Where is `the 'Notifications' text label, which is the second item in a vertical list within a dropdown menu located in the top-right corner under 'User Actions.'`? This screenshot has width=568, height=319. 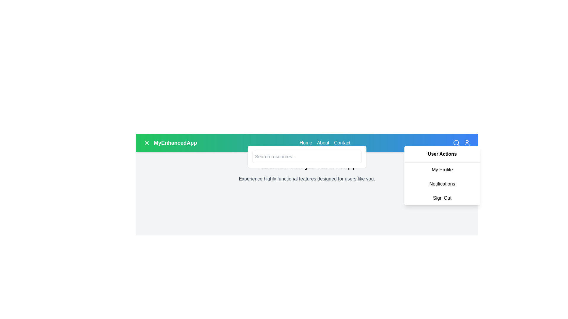
the 'Notifications' text label, which is the second item in a vertical list within a dropdown menu located in the top-right corner under 'User Actions.' is located at coordinates (442, 184).